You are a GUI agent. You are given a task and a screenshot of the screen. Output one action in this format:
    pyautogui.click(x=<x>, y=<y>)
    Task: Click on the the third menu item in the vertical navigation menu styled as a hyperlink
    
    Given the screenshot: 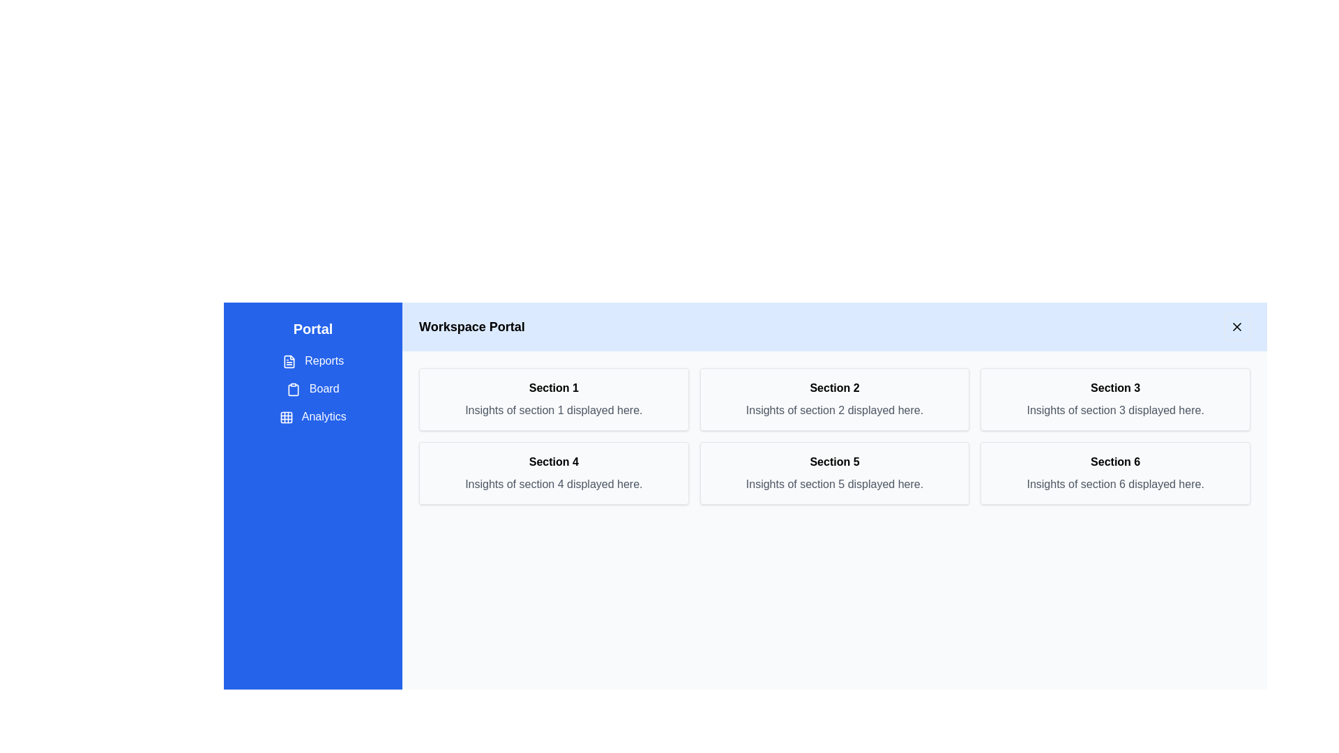 What is the action you would take?
    pyautogui.click(x=312, y=416)
    